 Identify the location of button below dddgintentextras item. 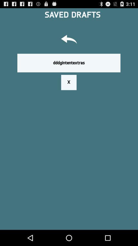
(69, 82).